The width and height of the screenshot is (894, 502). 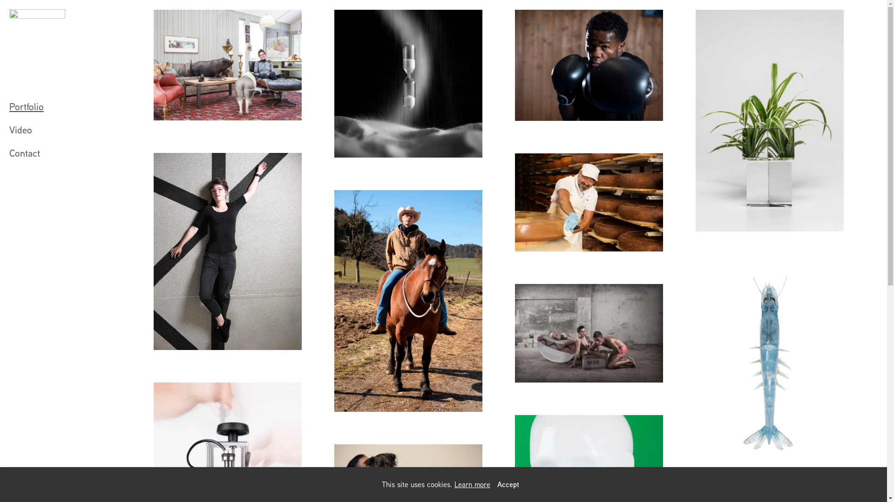 What do you see at coordinates (472, 484) in the screenshot?
I see `'Learn more'` at bounding box center [472, 484].